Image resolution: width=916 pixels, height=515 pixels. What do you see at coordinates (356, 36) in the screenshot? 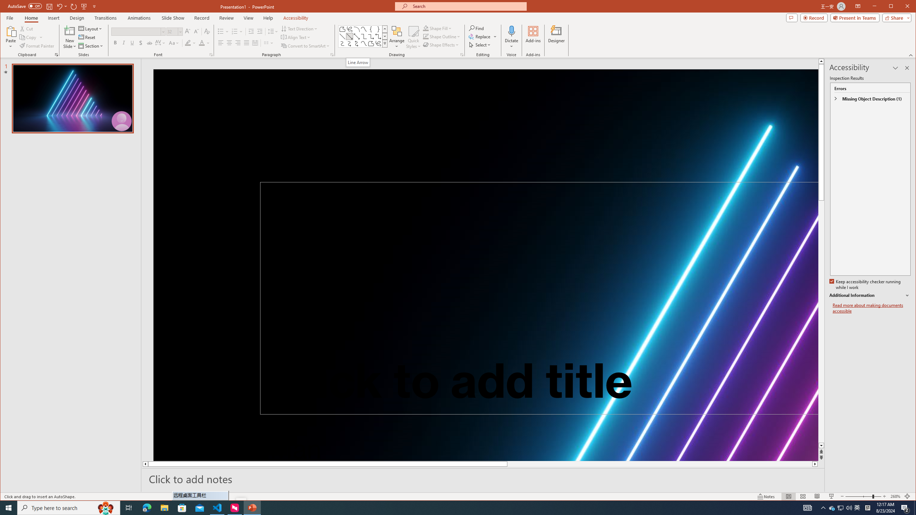
I see `'Line Arrow: Double'` at bounding box center [356, 36].